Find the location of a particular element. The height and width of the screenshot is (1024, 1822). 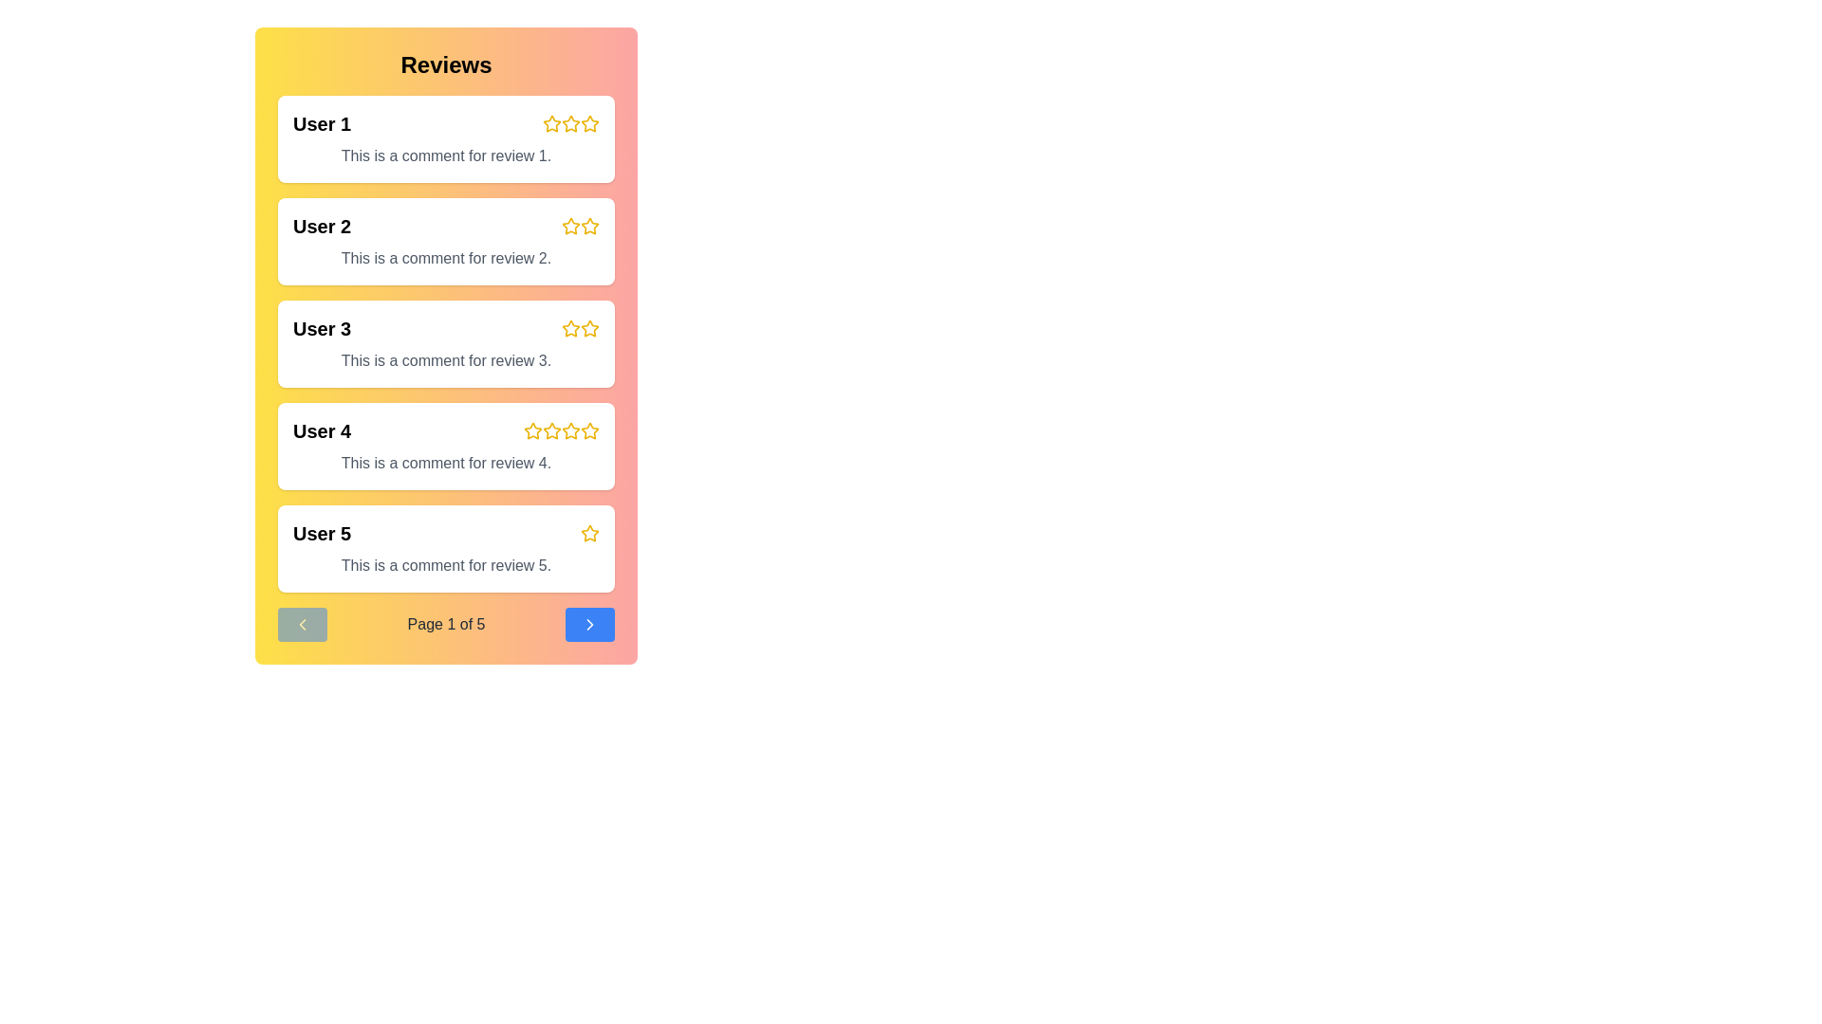

the third star icon in the rating row associated with 'User 4' to rate it is located at coordinates (550, 431).